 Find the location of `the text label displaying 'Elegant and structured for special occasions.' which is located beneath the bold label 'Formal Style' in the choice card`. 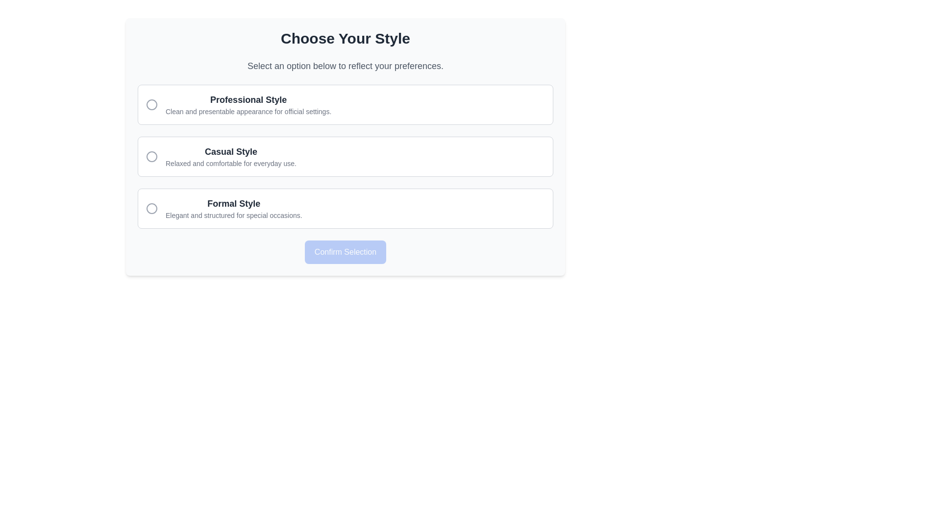

the text label displaying 'Elegant and structured for special occasions.' which is located beneath the bold label 'Formal Style' in the choice card is located at coordinates (233, 215).